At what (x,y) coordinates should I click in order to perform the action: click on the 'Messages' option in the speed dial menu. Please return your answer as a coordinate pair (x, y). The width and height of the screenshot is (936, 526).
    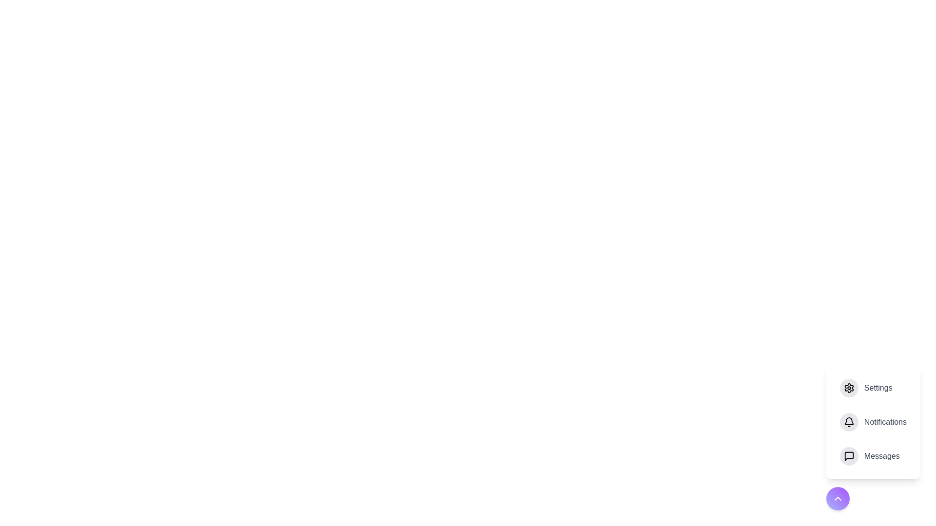
    Looking at the image, I should click on (870, 456).